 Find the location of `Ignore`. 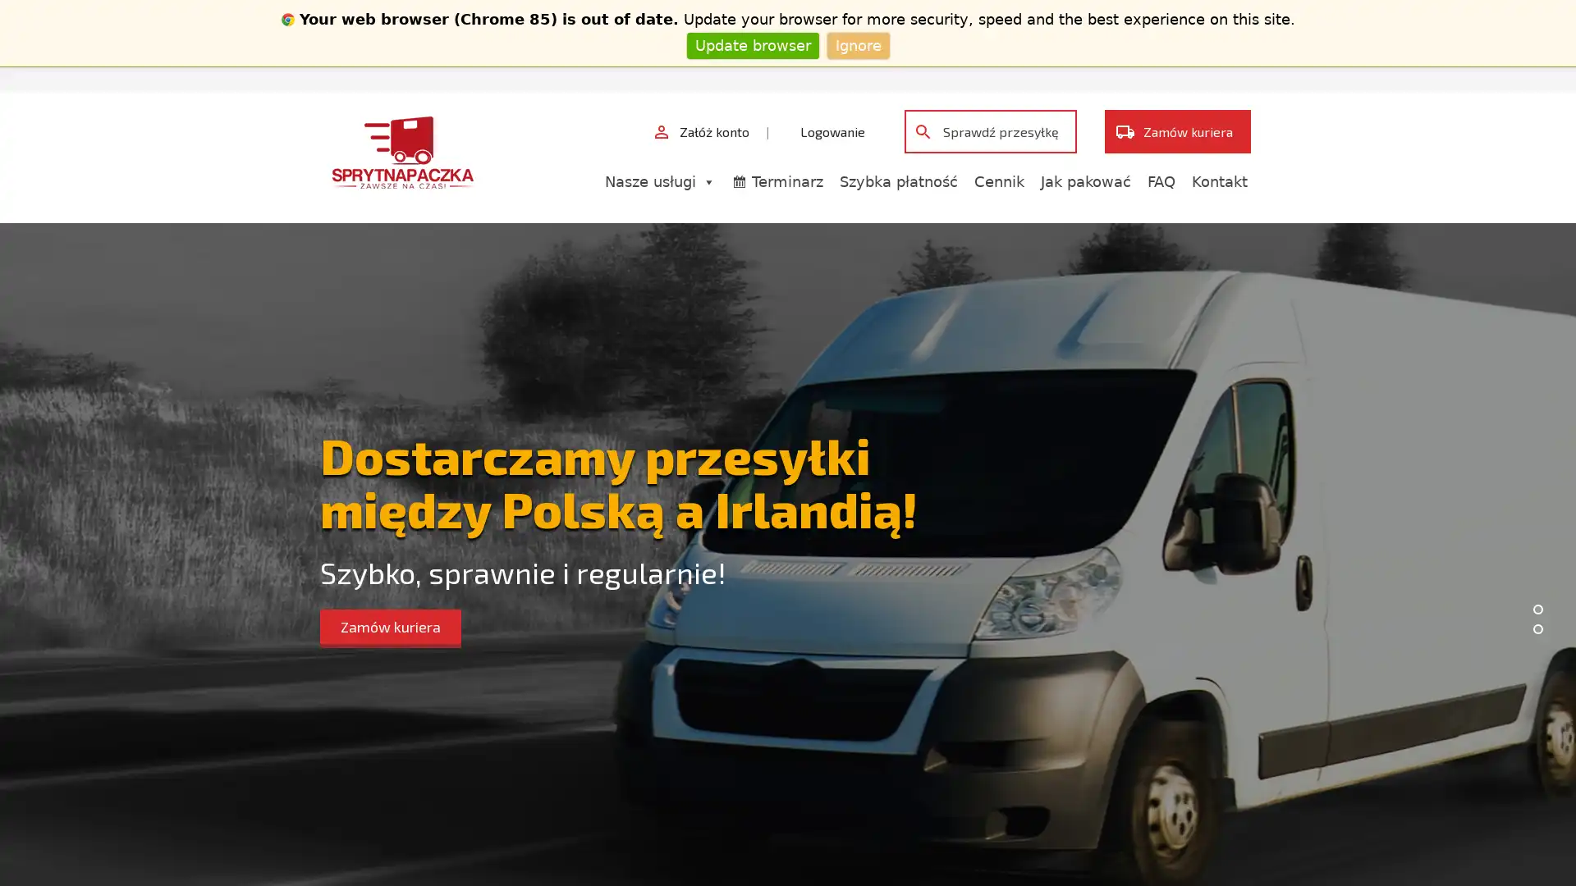

Ignore is located at coordinates (857, 44).